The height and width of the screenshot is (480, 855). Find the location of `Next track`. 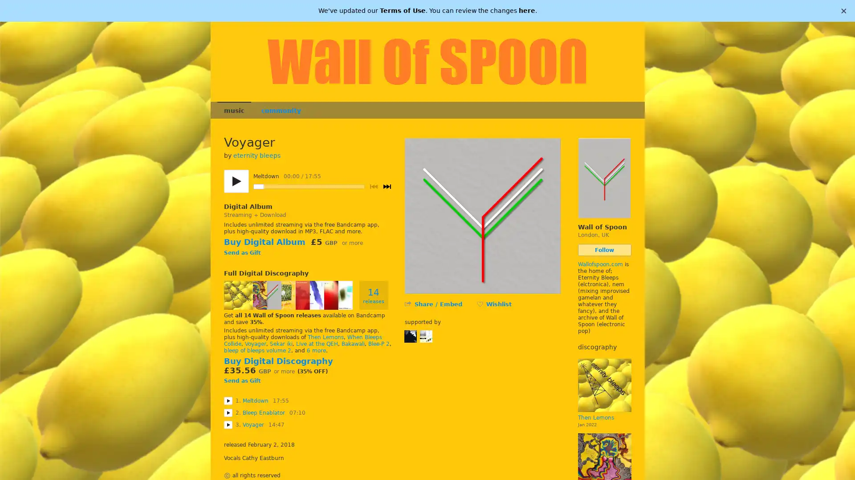

Next track is located at coordinates (387, 186).